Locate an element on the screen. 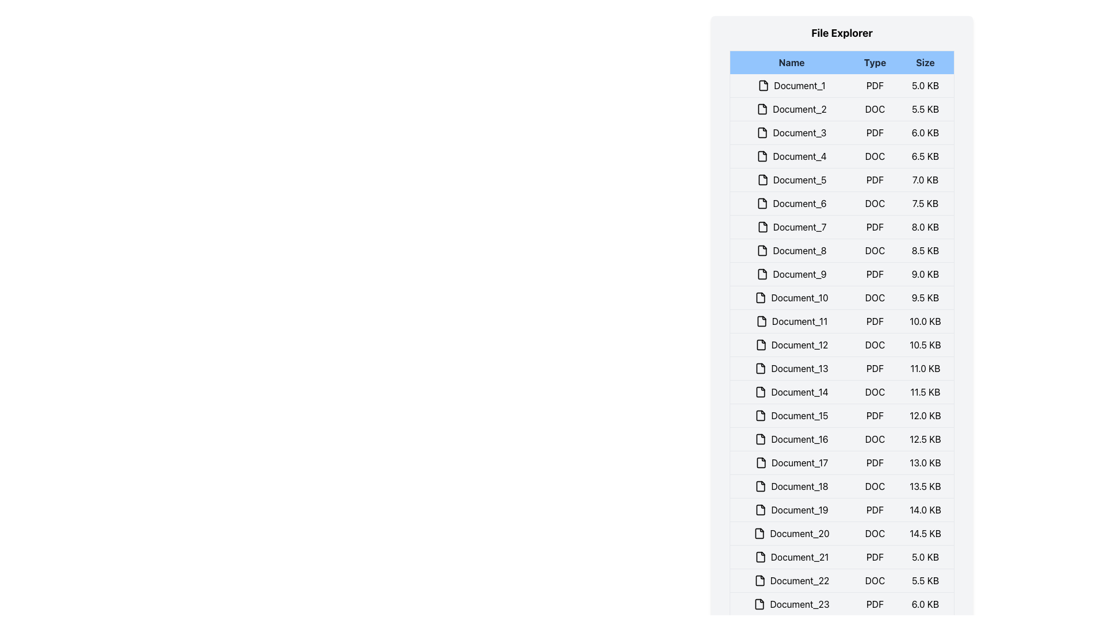  the table row containing 'Document_9' by clicking on it is located at coordinates (842, 274).